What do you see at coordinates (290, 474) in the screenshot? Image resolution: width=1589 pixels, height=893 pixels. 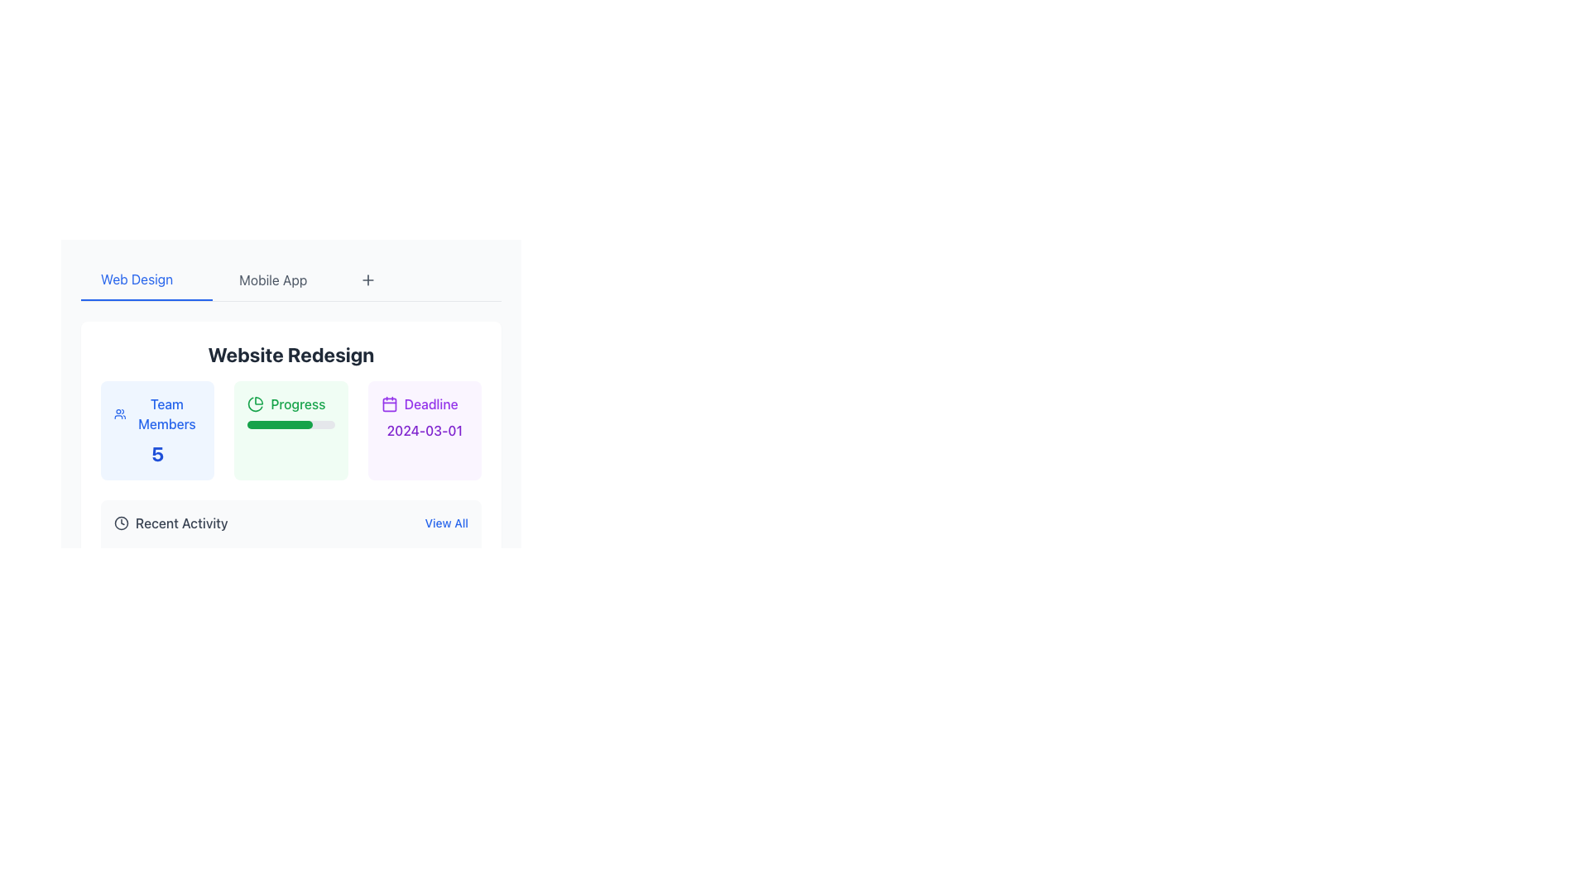 I see `the Progress Indicator Component, which features a light green background, a 'Progress' title, and a progress bar indicating 75% fill, positioned centrally in a grid layout under 'Website Redesign'` at bounding box center [290, 474].